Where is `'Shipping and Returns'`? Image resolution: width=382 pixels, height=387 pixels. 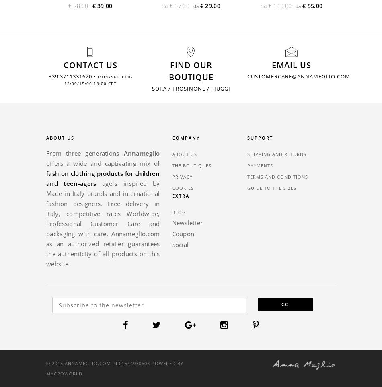
'Shipping and Returns' is located at coordinates (277, 154).